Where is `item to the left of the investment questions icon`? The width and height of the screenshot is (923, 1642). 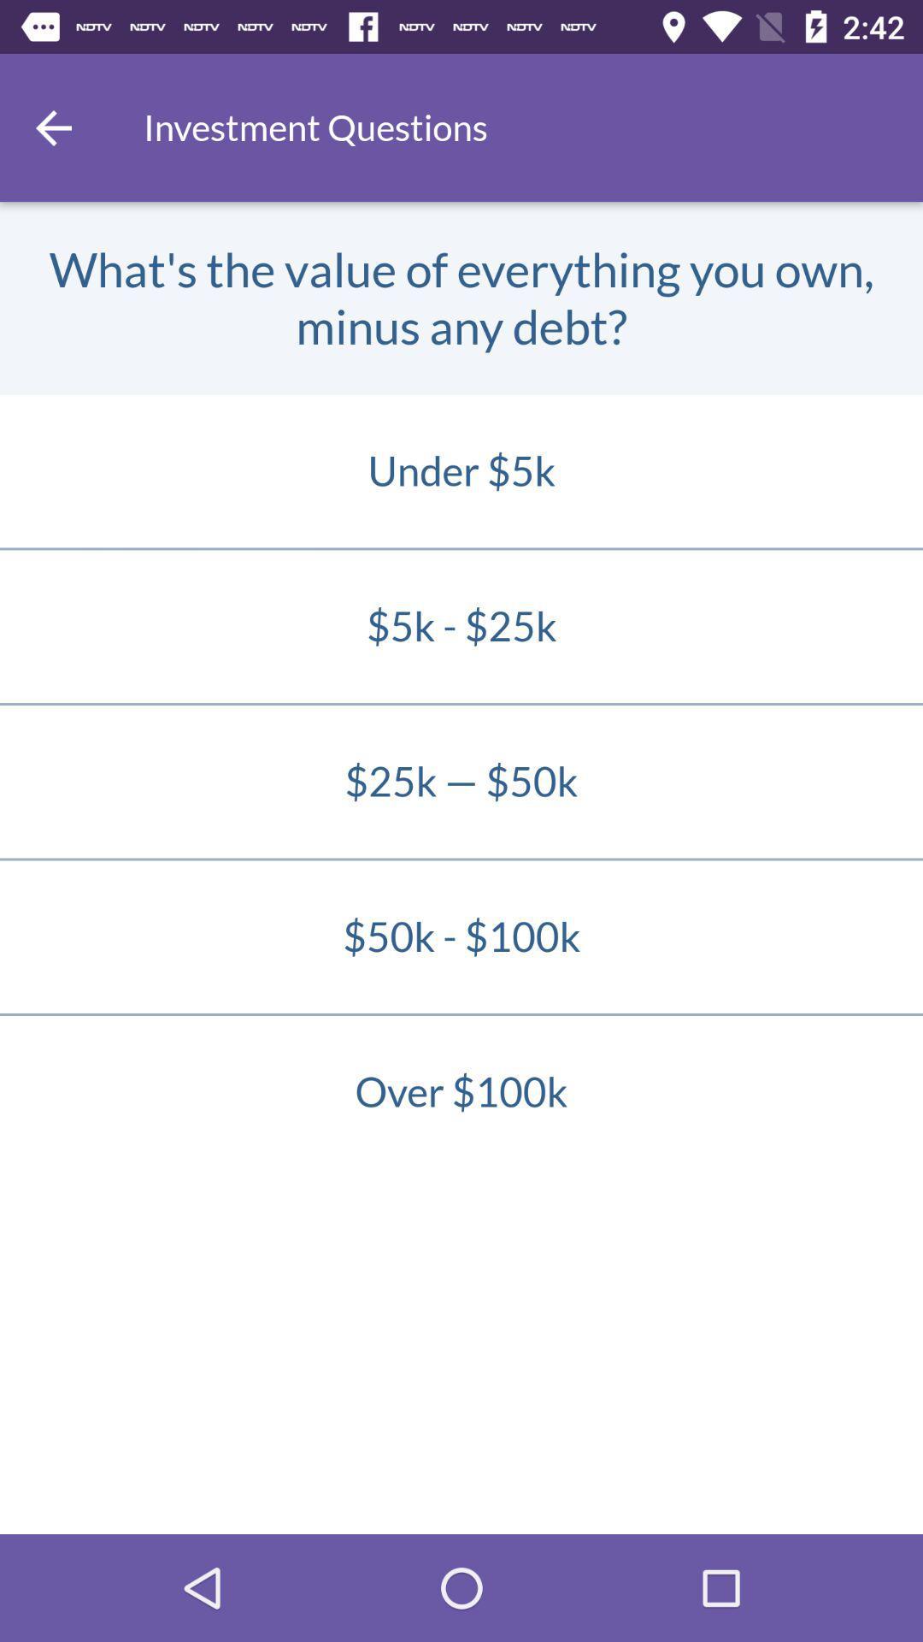 item to the left of the investment questions icon is located at coordinates (52, 127).